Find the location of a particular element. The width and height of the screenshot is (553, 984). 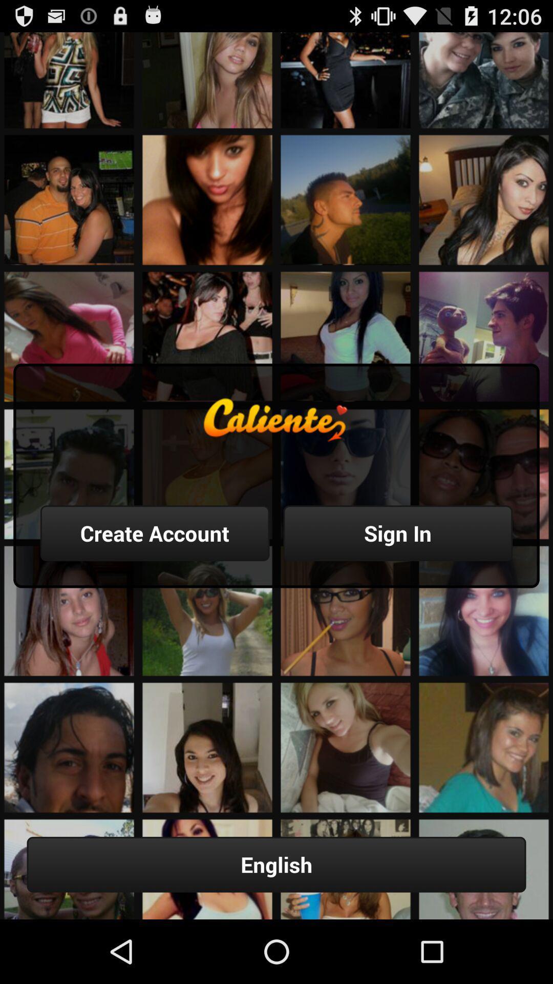

the button next to create account item is located at coordinates (397, 533).